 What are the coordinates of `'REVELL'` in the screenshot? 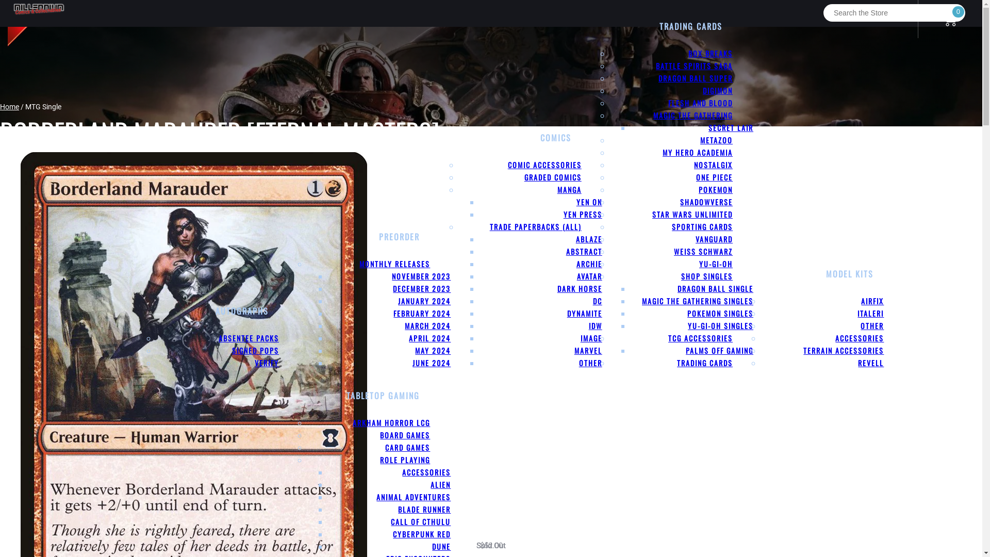 It's located at (858, 362).